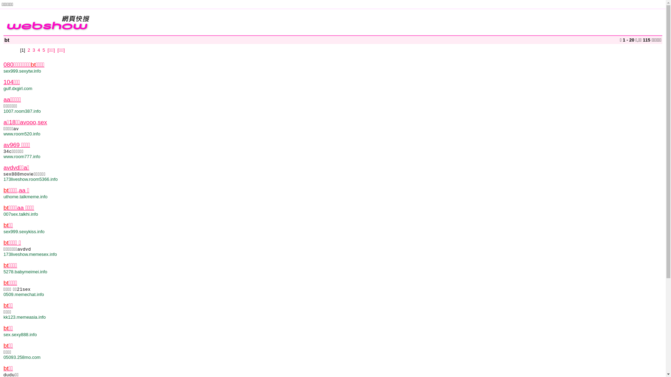  I want to click on '4', so click(38, 50).